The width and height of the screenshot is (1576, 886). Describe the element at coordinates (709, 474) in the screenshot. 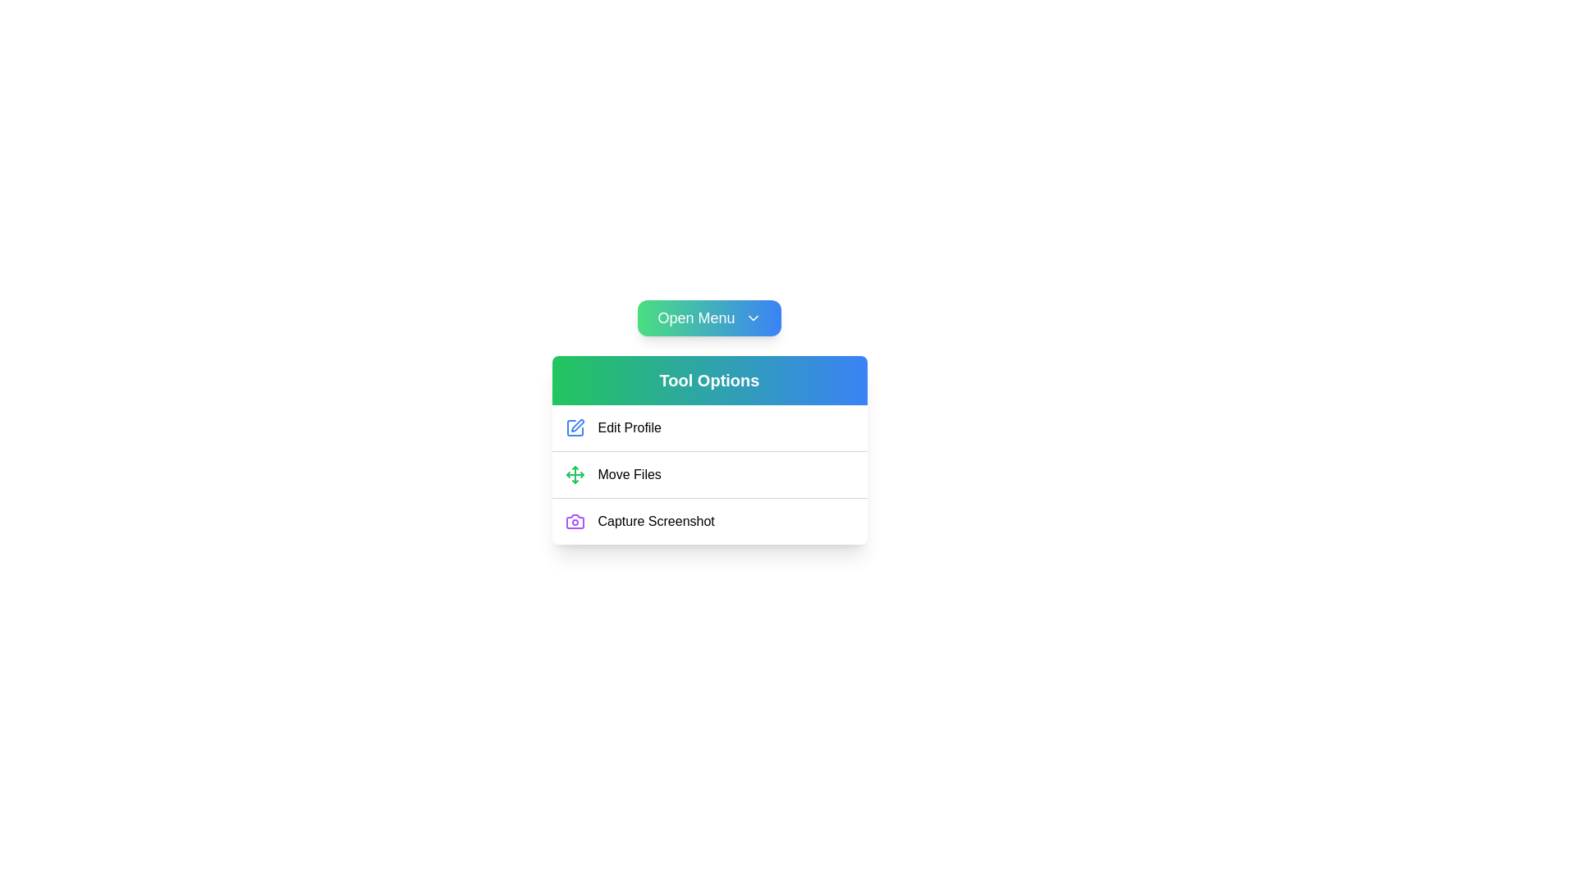

I see `the second entry in the 'Tool Options' dropdown menu to initiate the file-moving process` at that location.